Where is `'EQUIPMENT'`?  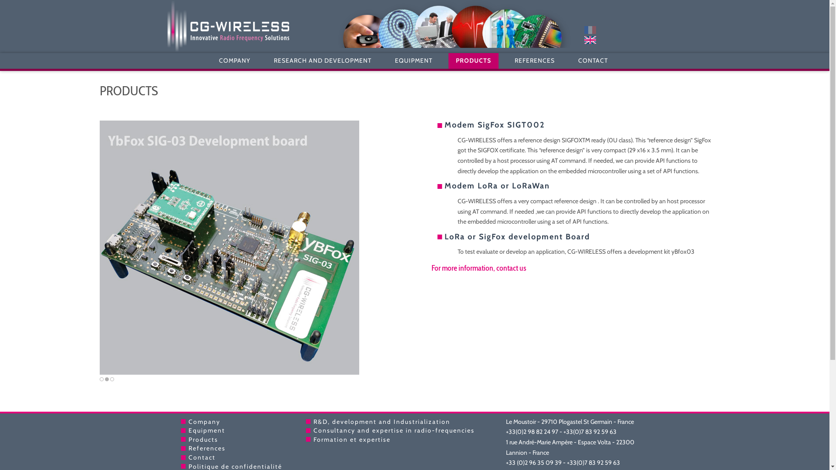 'EQUIPMENT' is located at coordinates (413, 60).